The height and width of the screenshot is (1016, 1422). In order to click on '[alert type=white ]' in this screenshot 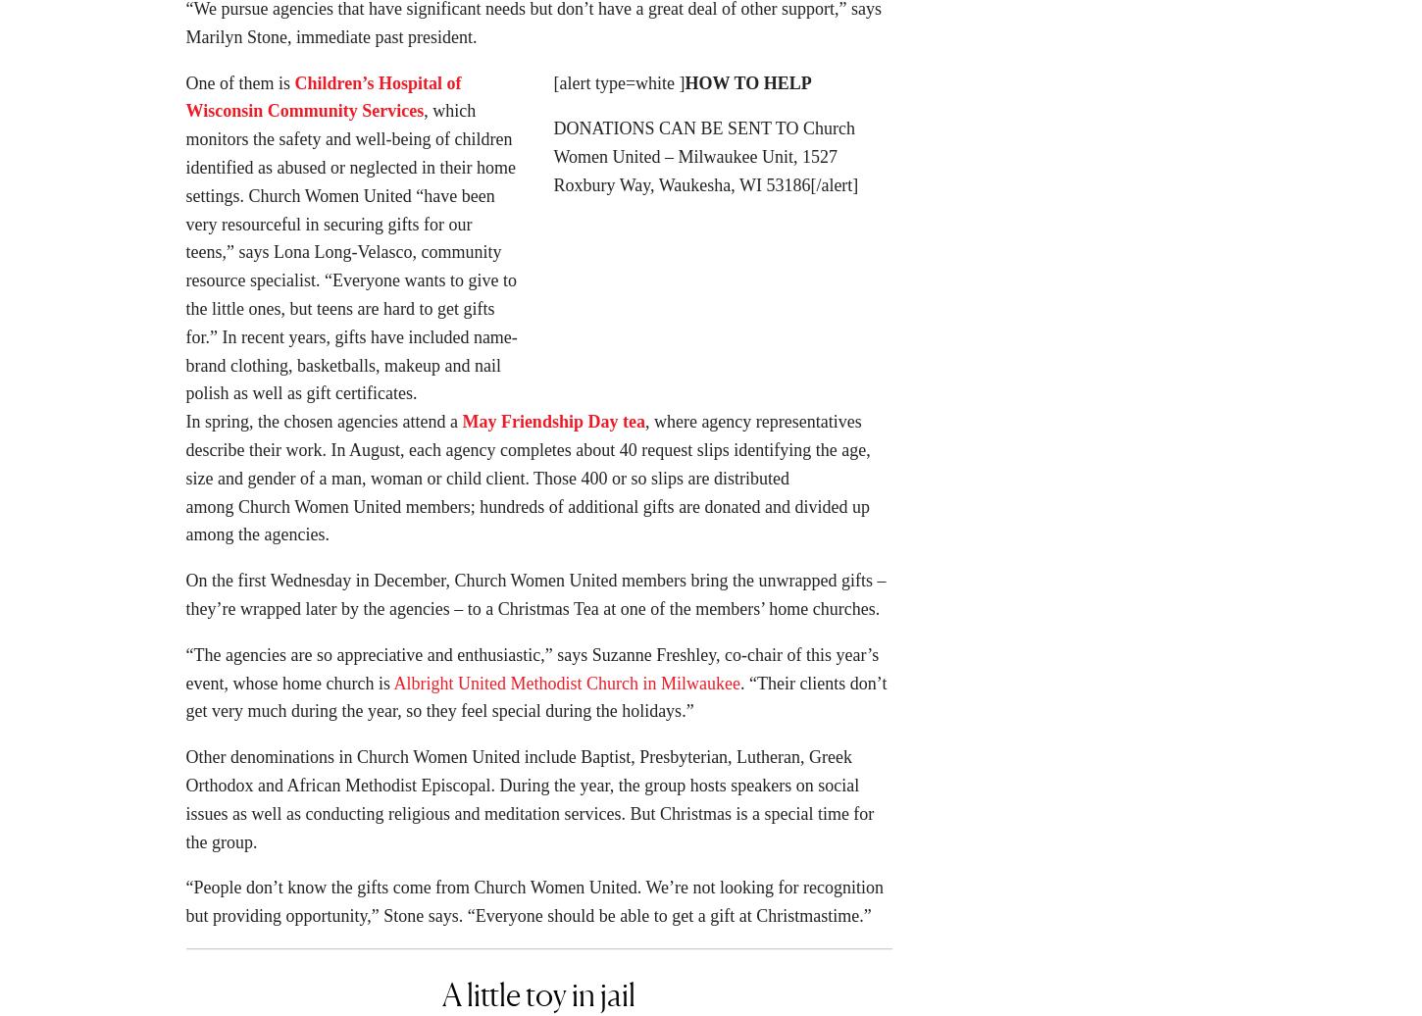, I will do `click(618, 88)`.